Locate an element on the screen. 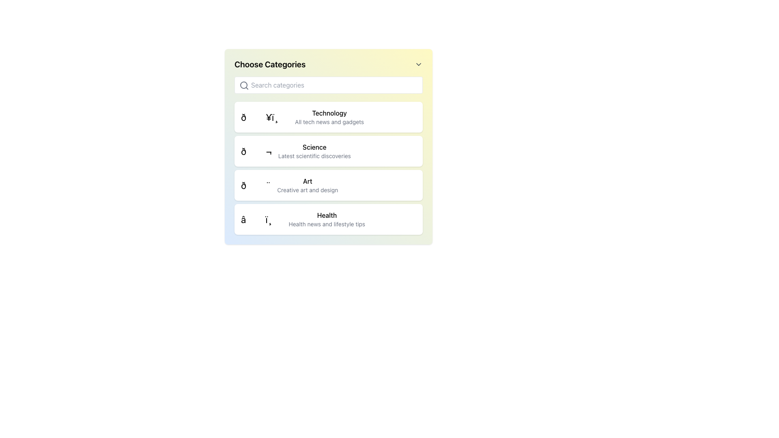  the text block with the header 'Science' and subheader 'Latest scientific discoveries' is located at coordinates (314, 151).